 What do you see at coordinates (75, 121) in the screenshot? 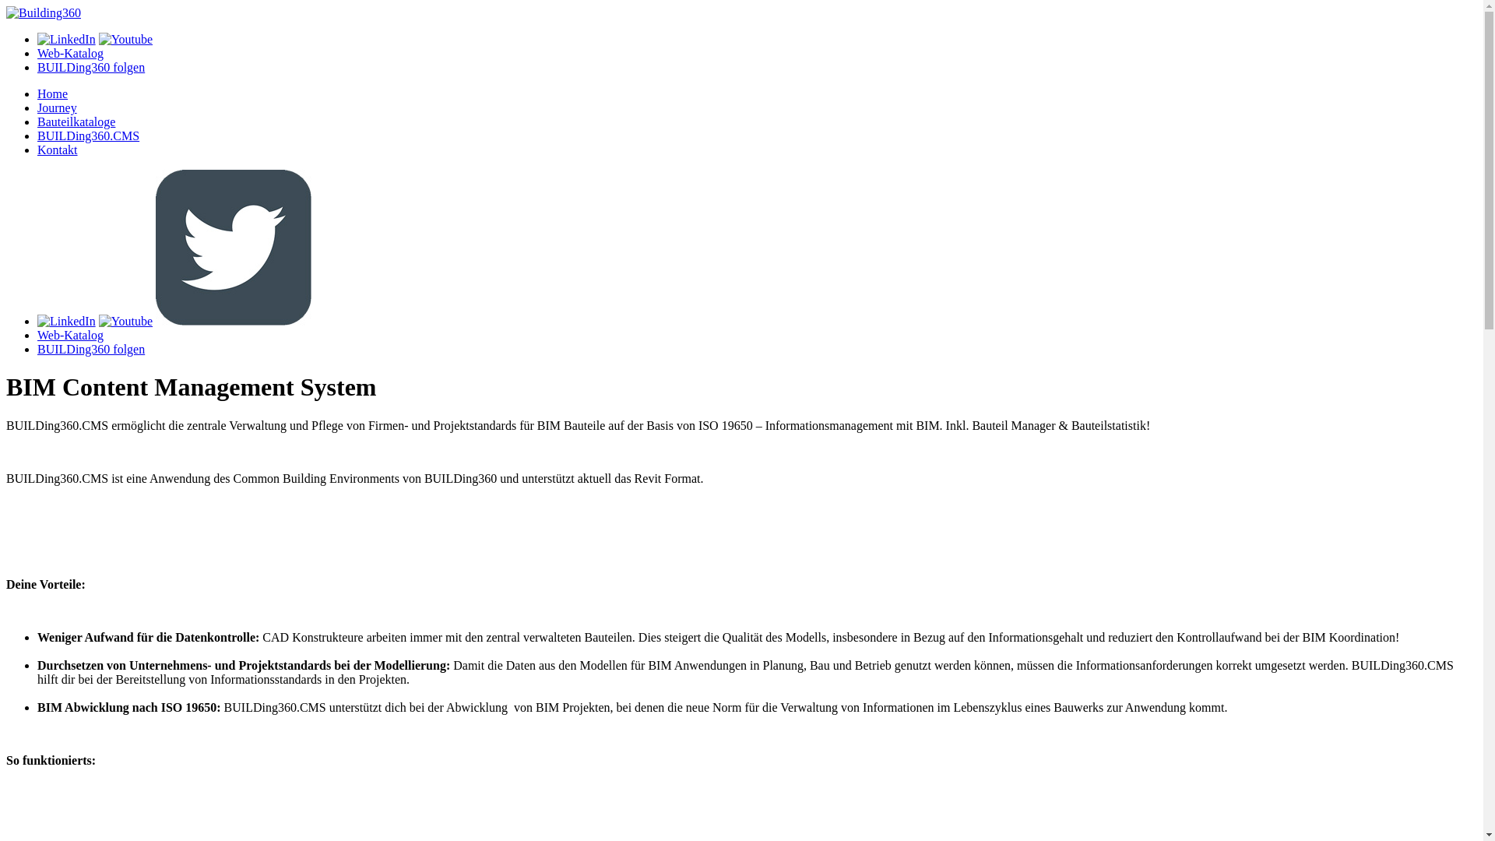
I see `'Bauteilkataloge'` at bounding box center [75, 121].